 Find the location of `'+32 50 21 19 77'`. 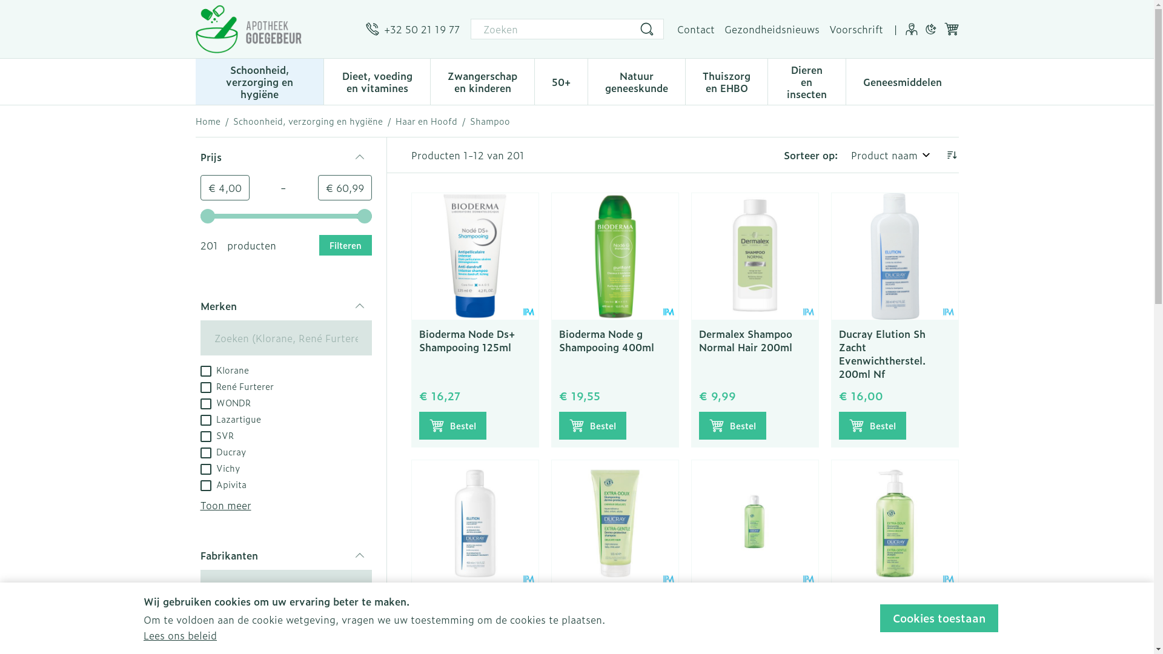

'+32 50 21 19 77' is located at coordinates (413, 28).